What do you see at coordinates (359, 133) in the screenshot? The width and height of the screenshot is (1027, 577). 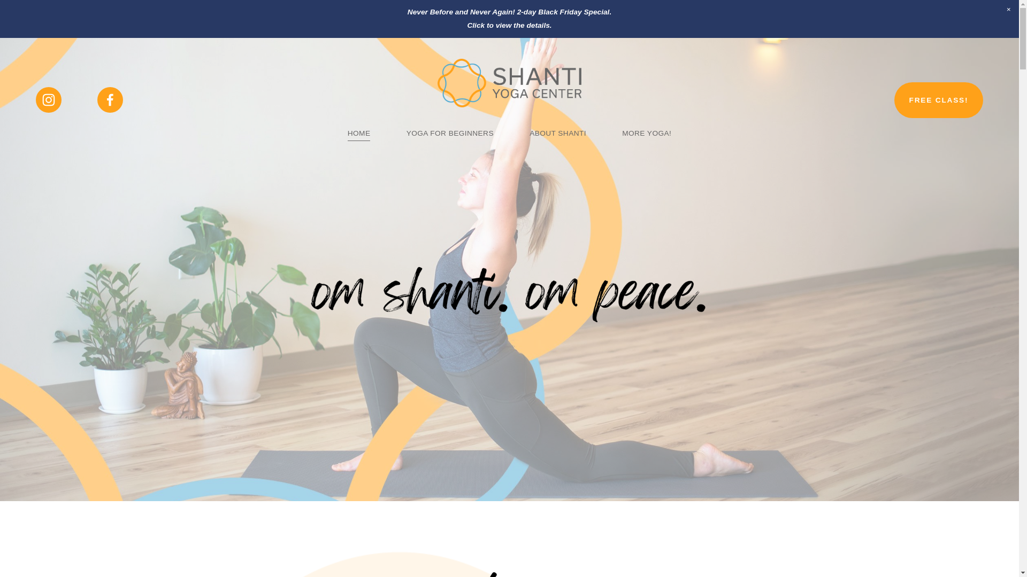 I see `'HOME'` at bounding box center [359, 133].